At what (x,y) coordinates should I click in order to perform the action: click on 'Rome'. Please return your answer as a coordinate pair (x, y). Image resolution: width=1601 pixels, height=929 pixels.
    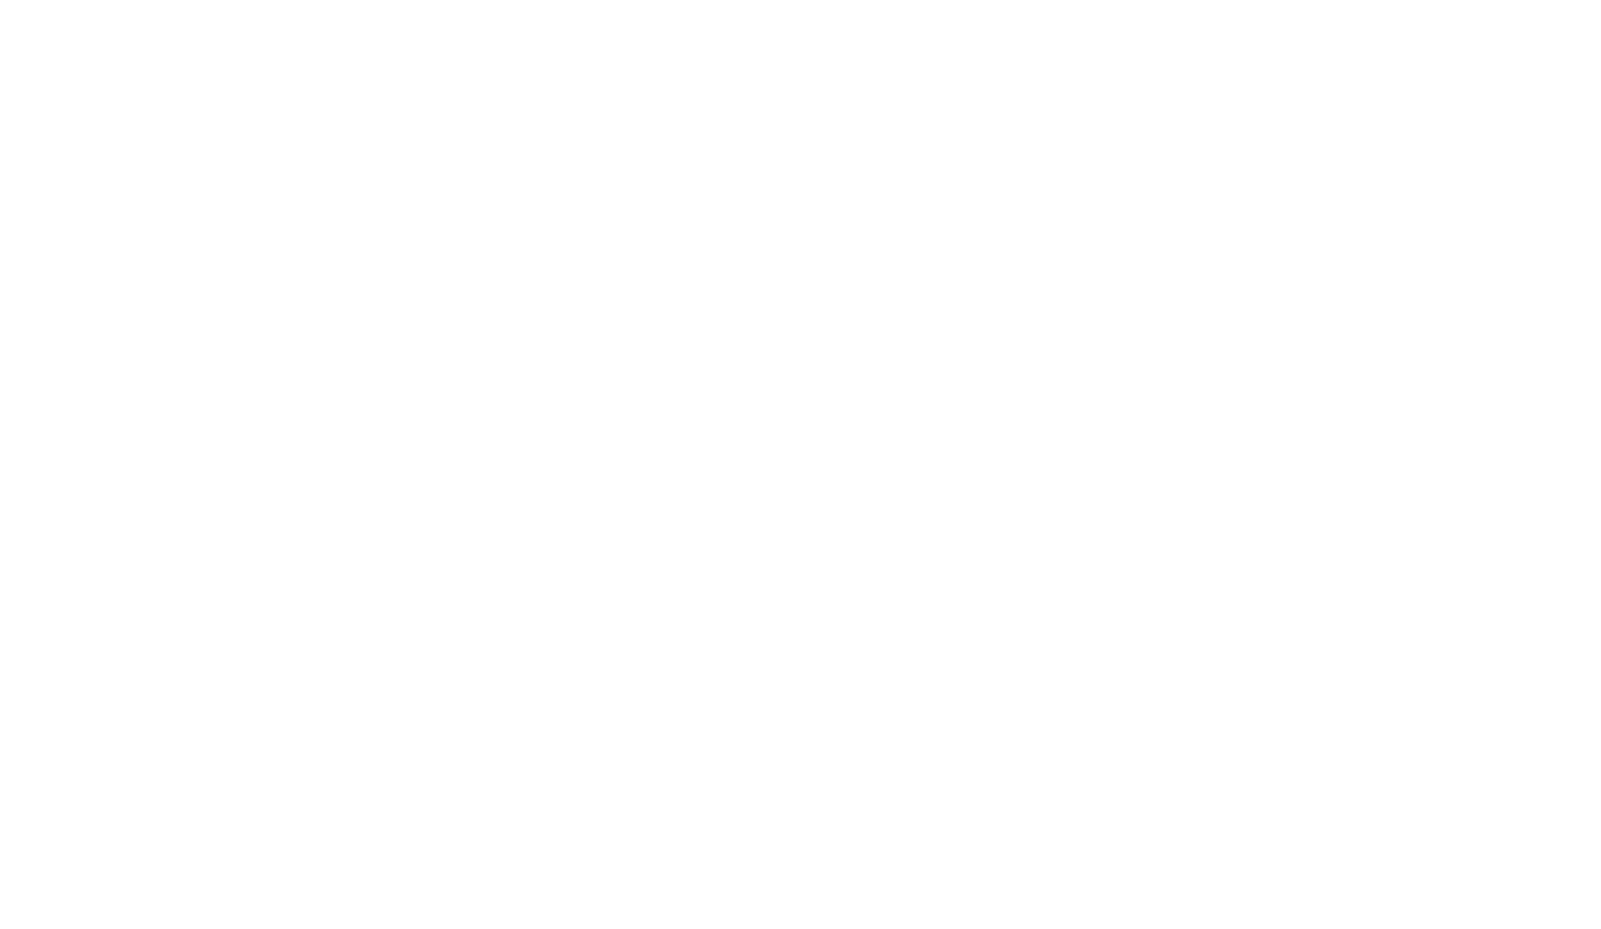
    Looking at the image, I should click on (363, 24).